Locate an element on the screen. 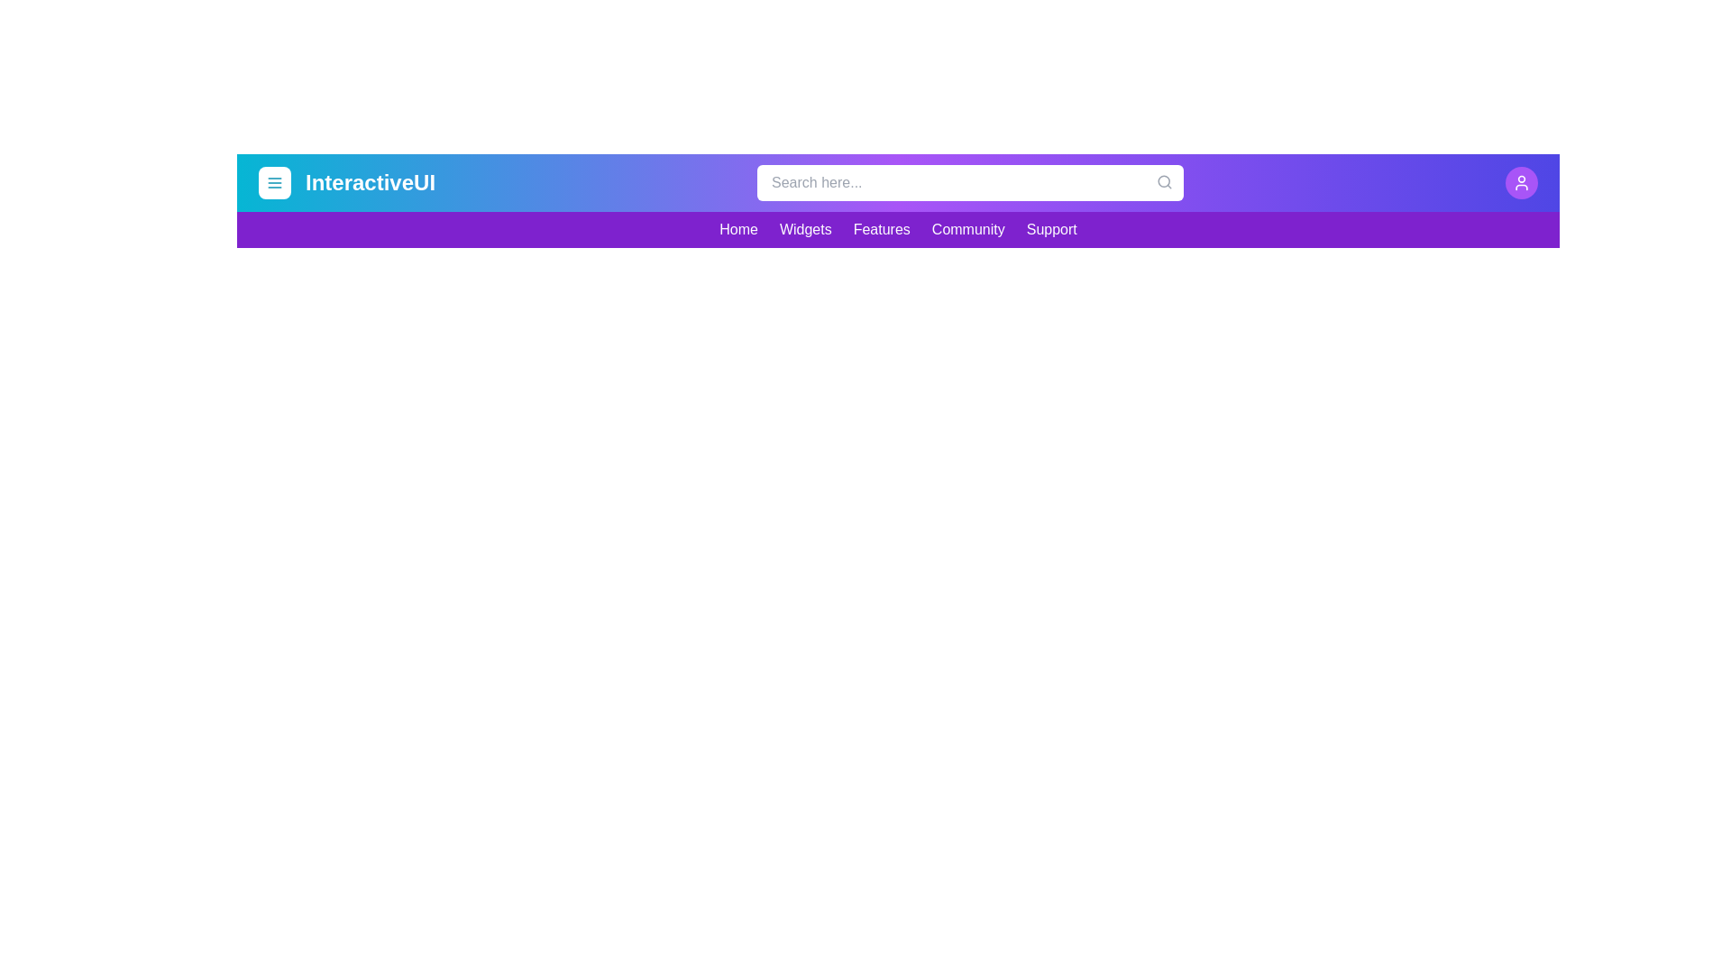 This screenshot has width=1731, height=974. the navigation link labeled Home is located at coordinates (738, 228).